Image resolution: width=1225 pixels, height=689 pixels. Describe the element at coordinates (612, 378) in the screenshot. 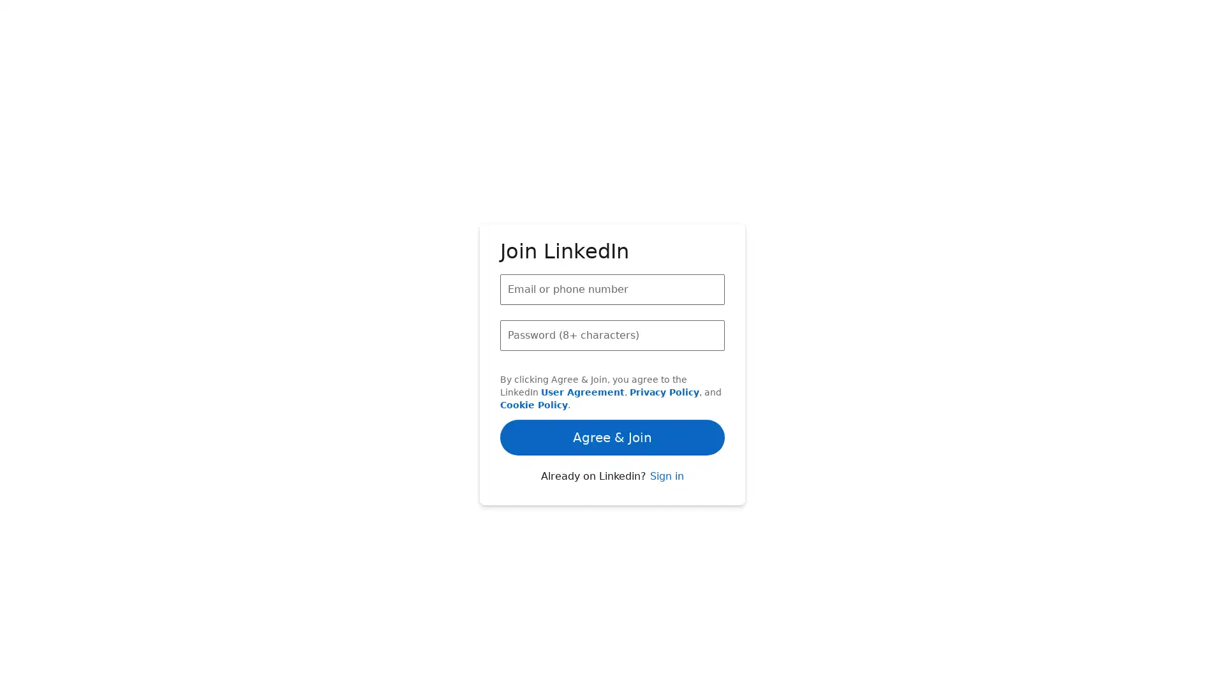

I see `Agree & Join` at that location.